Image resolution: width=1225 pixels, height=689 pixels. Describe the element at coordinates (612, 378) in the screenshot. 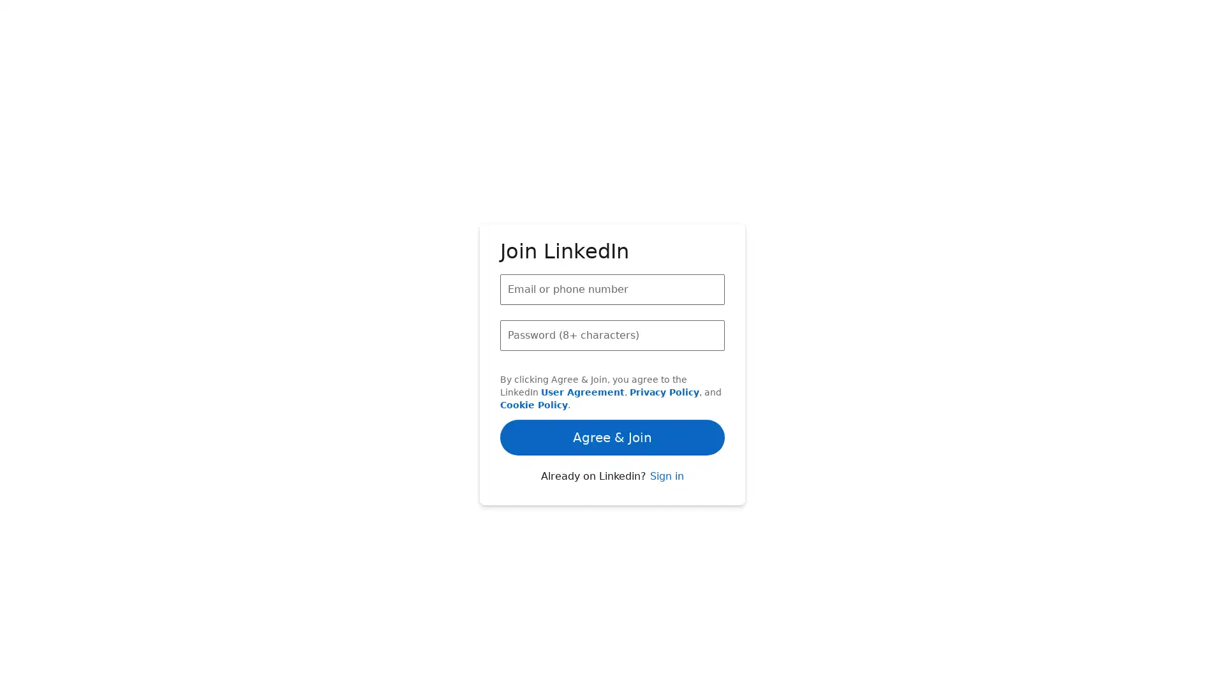

I see `Agree & Join` at that location.